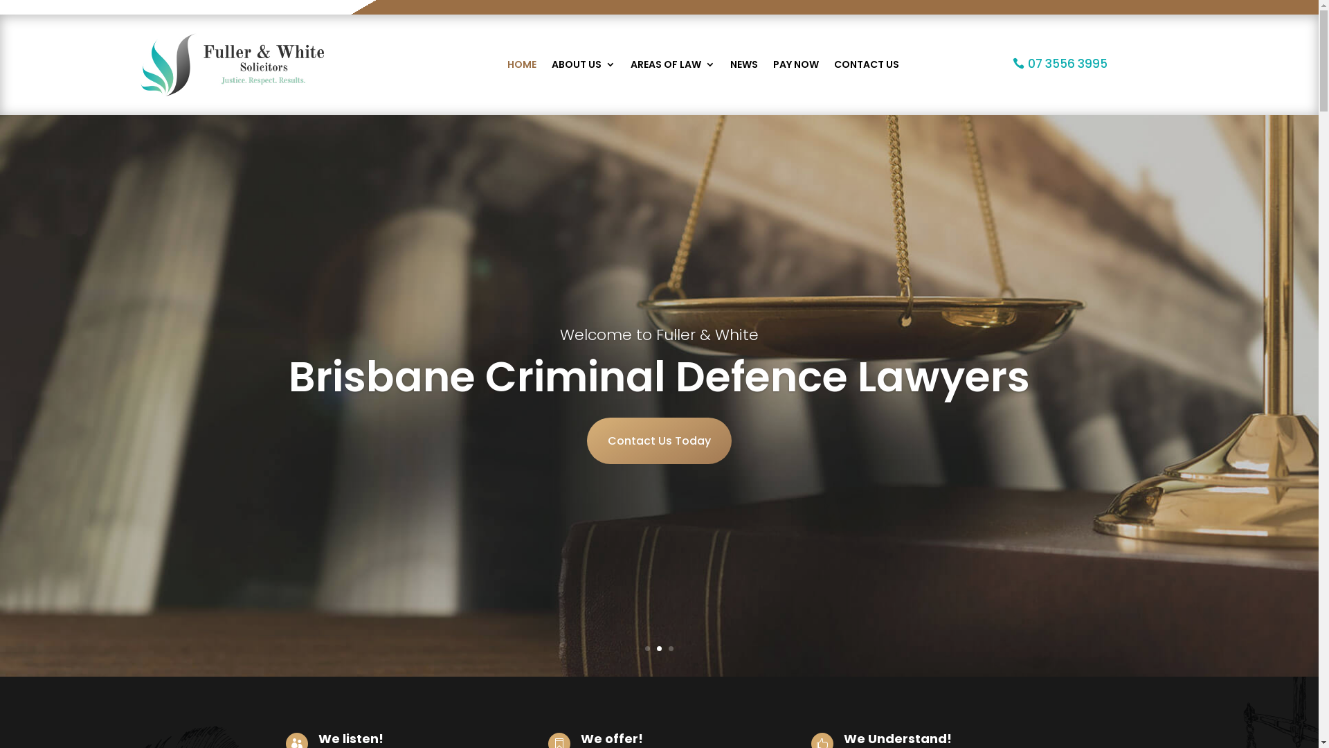 The width and height of the screenshot is (1329, 748). Describe the element at coordinates (865, 64) in the screenshot. I see `'CONTACT US'` at that location.